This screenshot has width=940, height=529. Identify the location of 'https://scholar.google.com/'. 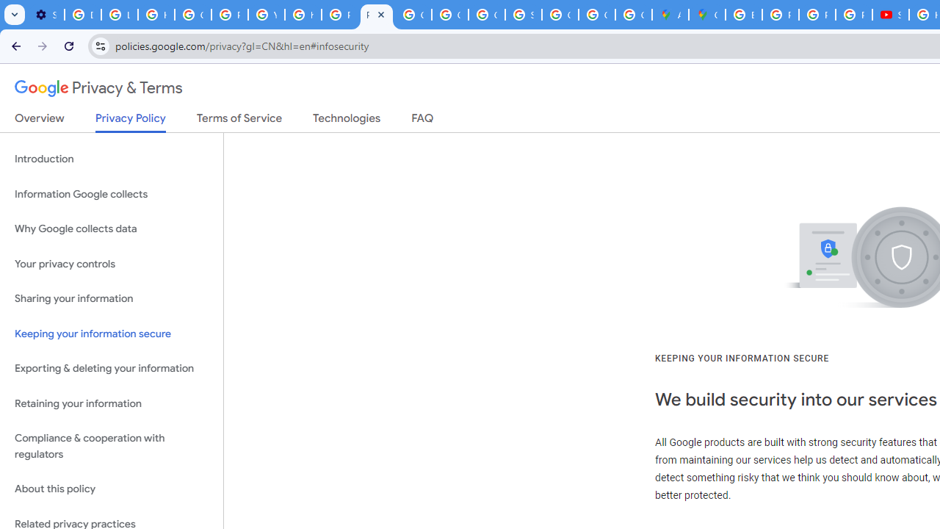
(302, 15).